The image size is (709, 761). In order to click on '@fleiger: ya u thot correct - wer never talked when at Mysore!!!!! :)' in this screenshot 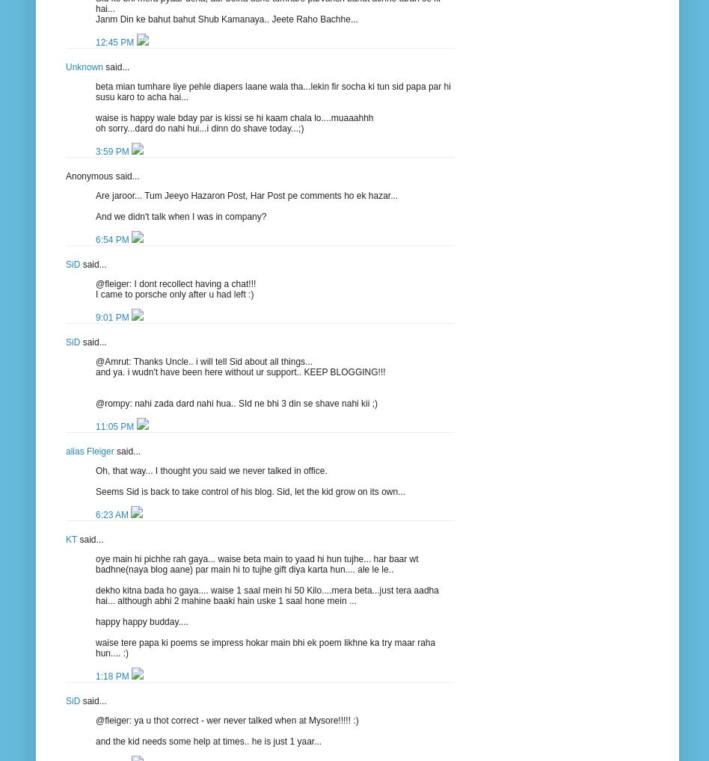, I will do `click(227, 719)`.